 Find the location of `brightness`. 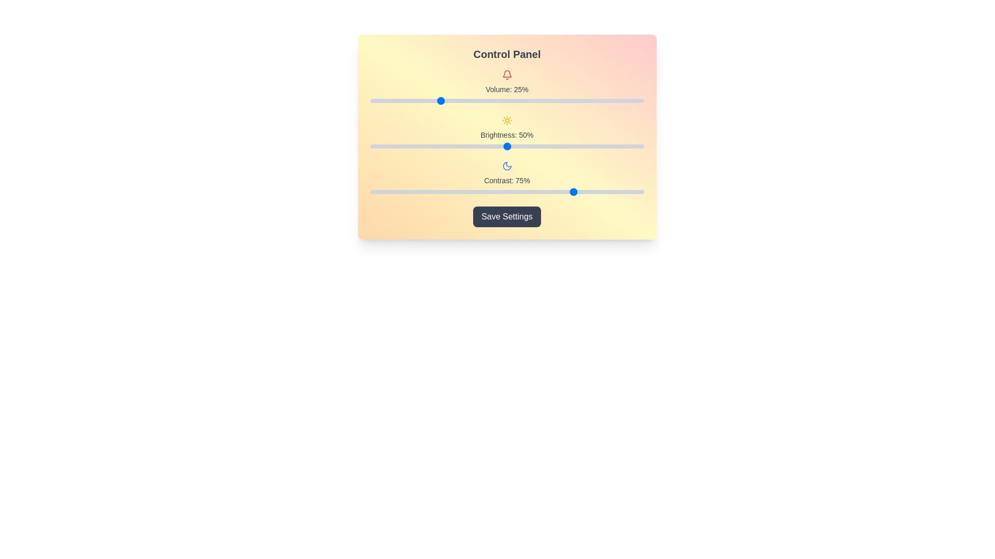

brightness is located at coordinates (594, 146).